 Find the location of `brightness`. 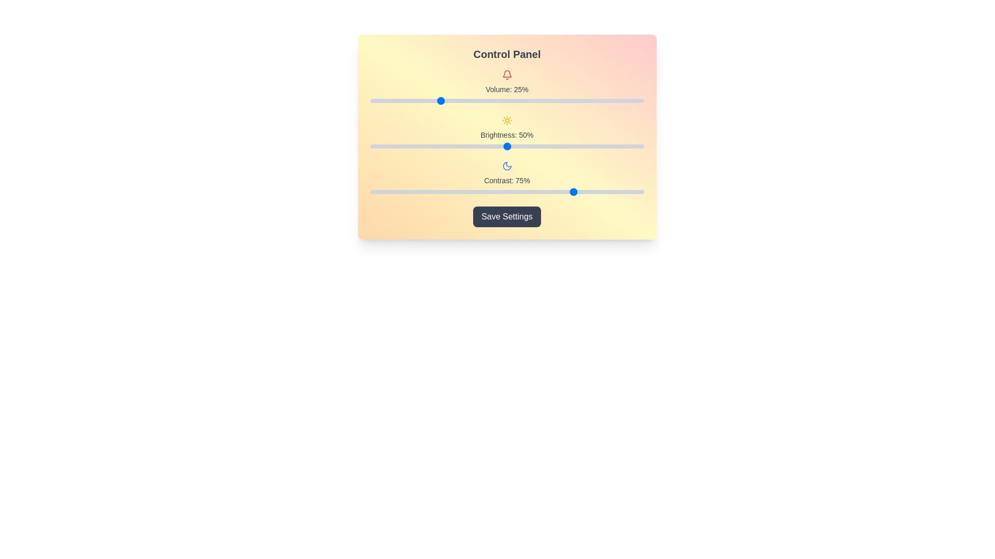

brightness is located at coordinates (594, 146).